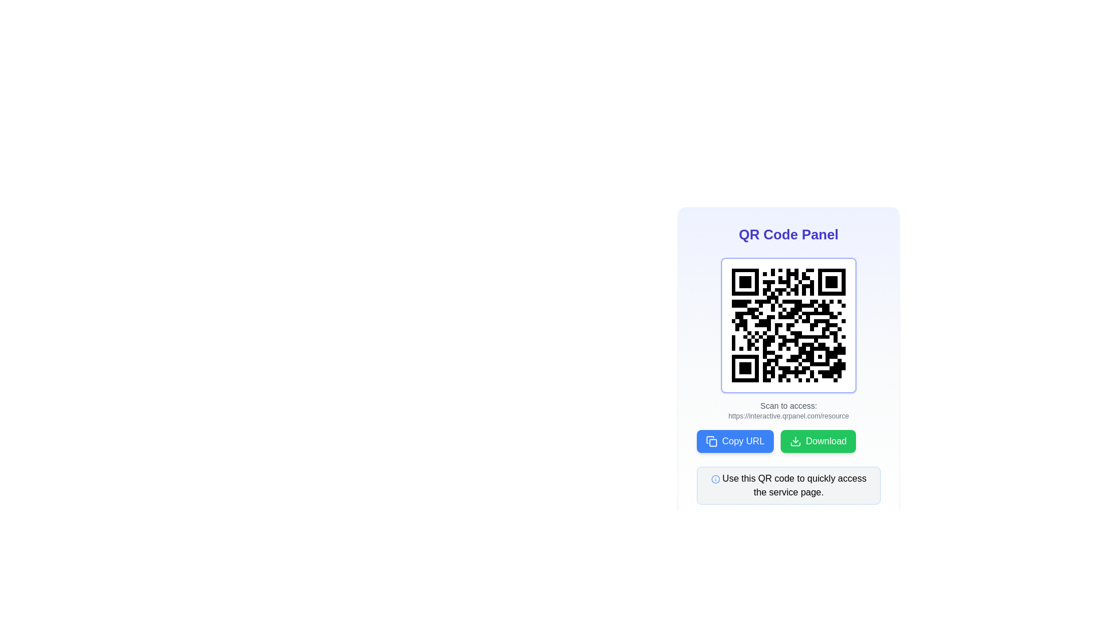 The height and width of the screenshot is (620, 1103). Describe the element at coordinates (712, 442) in the screenshot. I see `the copy icon element located at the center of the QR Code Panel interface, which visualizes the action of copying the associated link or QR code` at that location.